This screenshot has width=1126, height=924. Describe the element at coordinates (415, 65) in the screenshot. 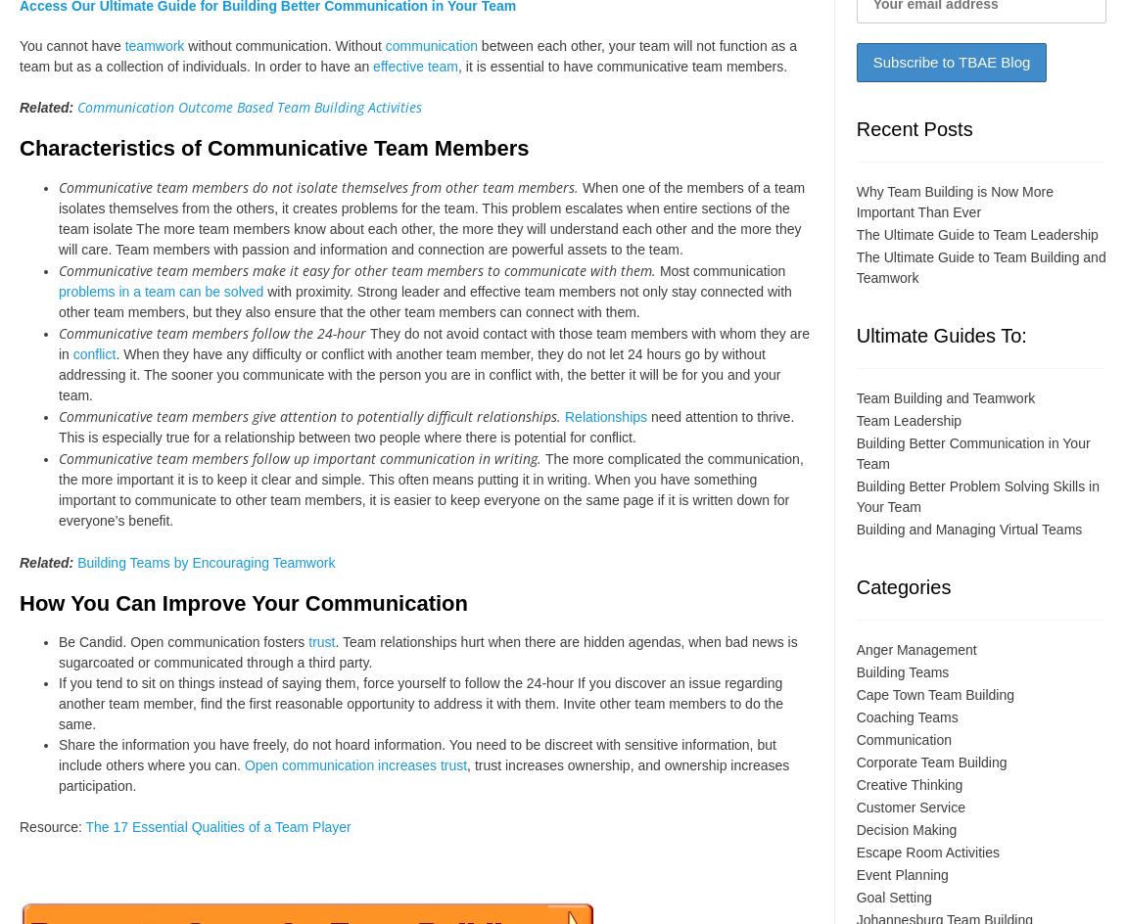

I see `'effective team'` at that location.